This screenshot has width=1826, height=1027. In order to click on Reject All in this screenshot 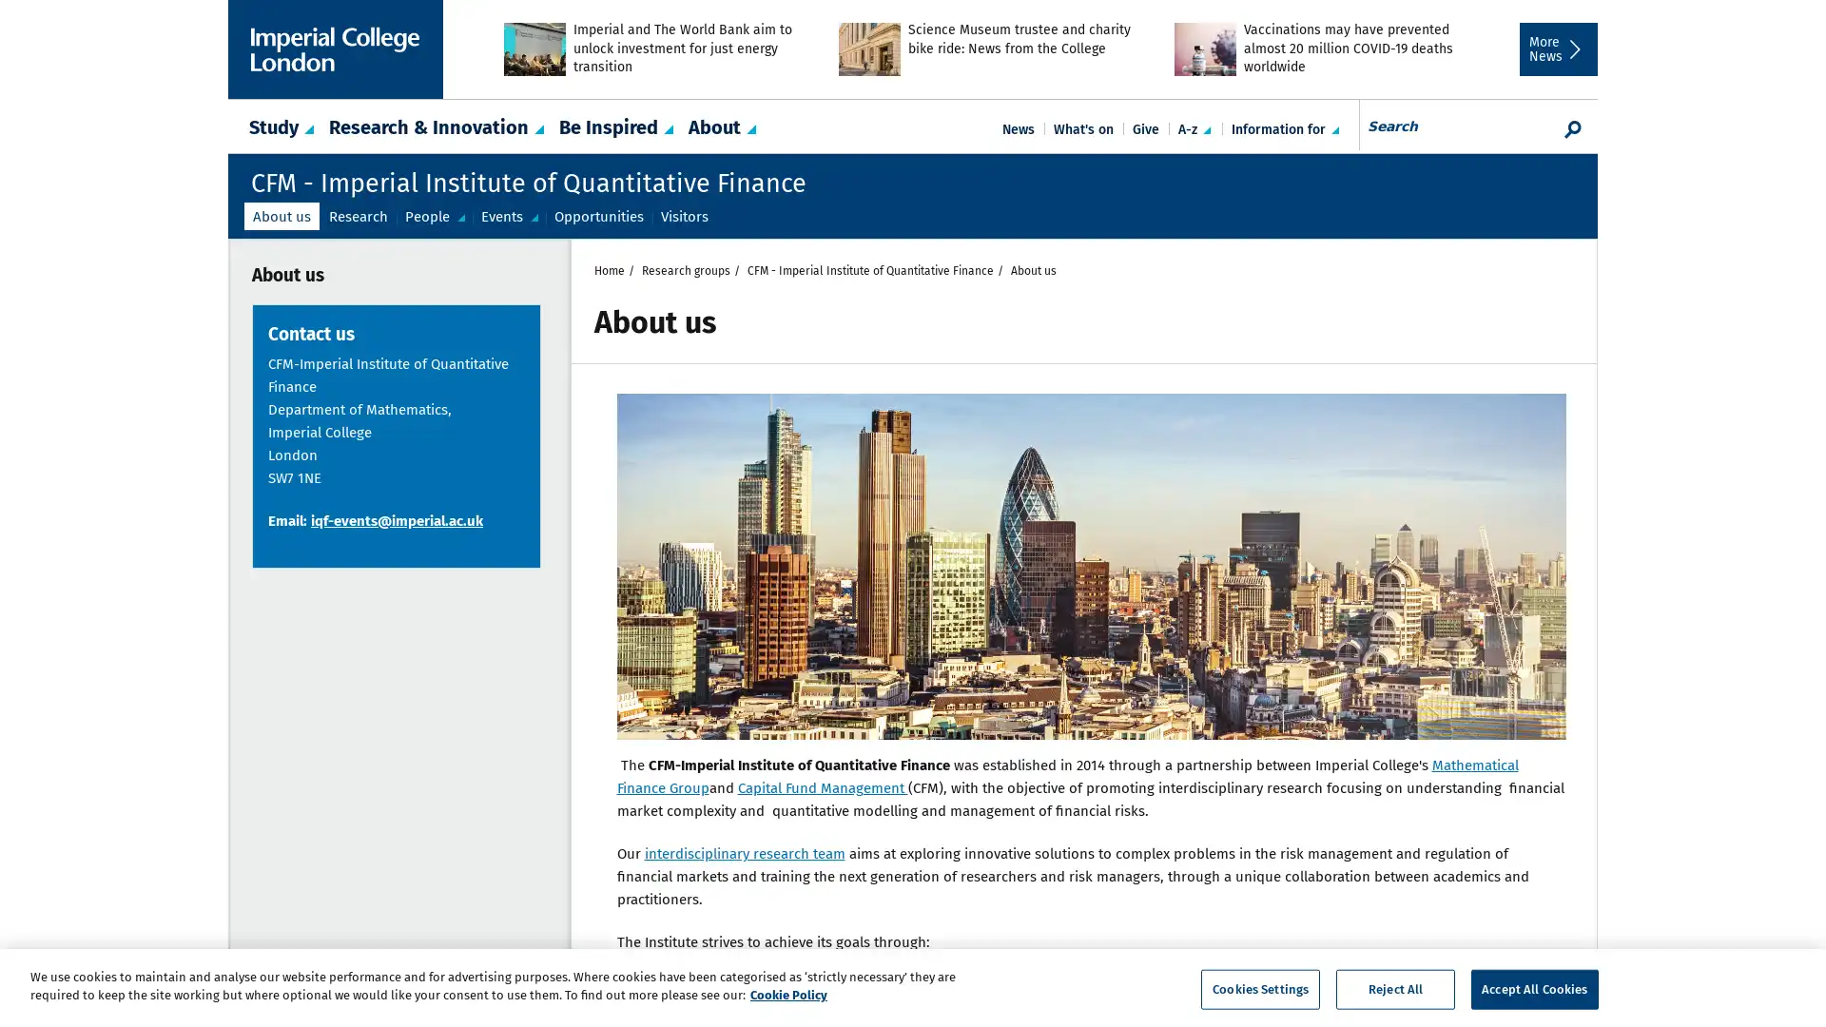, I will do `click(1395, 988)`.